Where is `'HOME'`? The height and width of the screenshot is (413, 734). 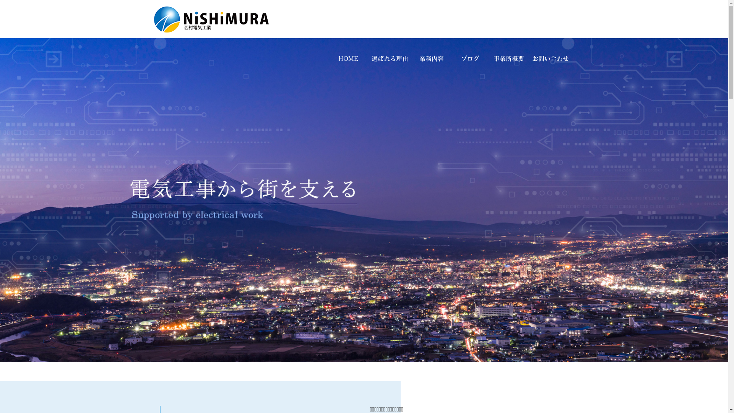 'HOME' is located at coordinates (328, 58).